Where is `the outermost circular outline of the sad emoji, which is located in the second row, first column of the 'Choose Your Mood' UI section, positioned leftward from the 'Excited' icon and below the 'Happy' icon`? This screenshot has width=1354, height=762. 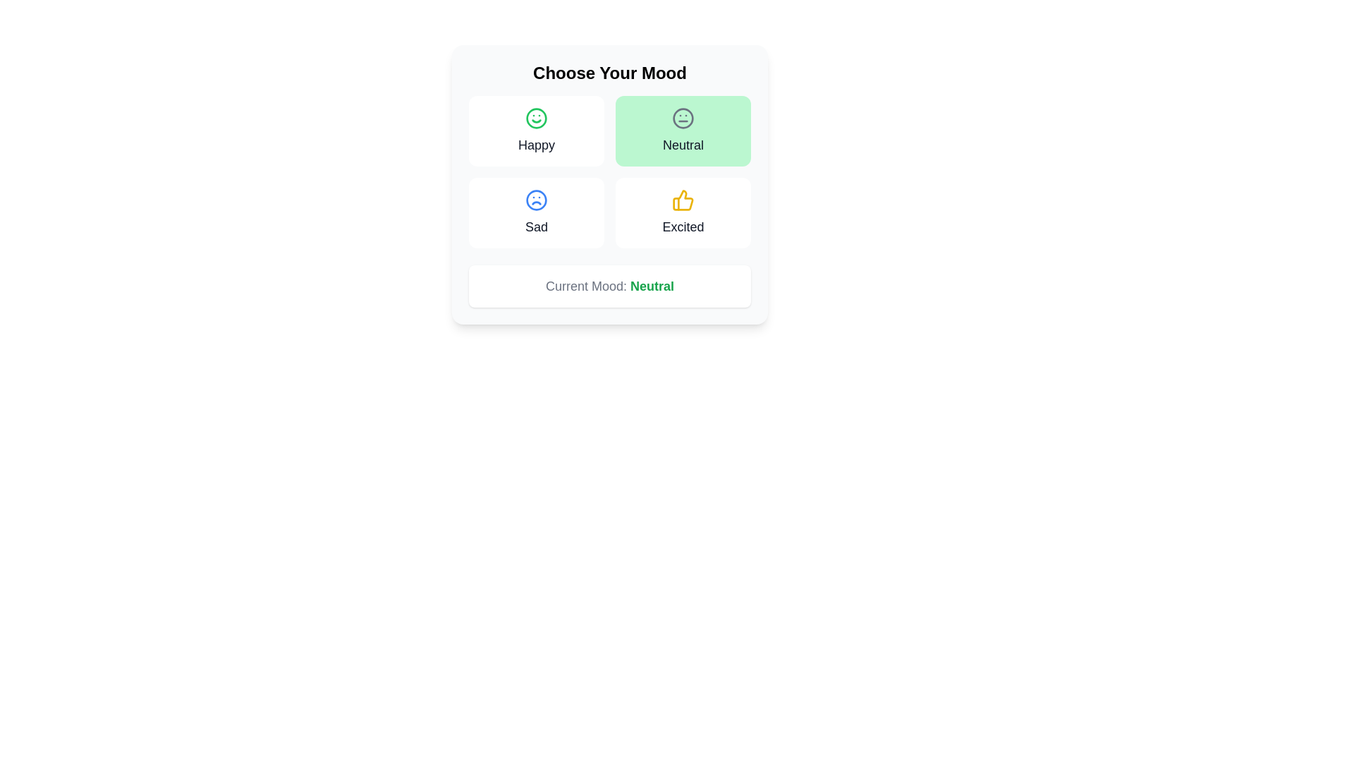
the outermost circular outline of the sad emoji, which is located in the second row, first column of the 'Choose Your Mood' UI section, positioned leftward from the 'Excited' icon and below the 'Happy' icon is located at coordinates (536, 200).